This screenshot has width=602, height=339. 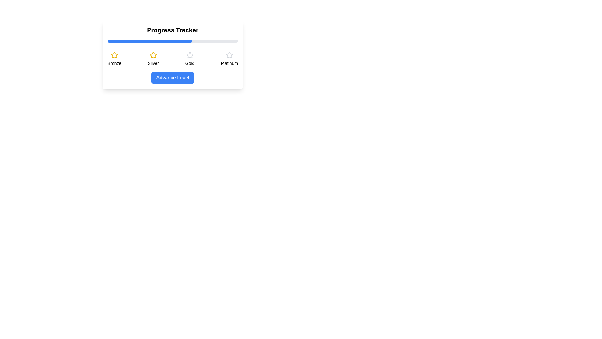 What do you see at coordinates (229, 63) in the screenshot?
I see `the text label indicating the Platinum level in the progress tracker, which is the fourth label in a horizontal sequence under the respective star icons` at bounding box center [229, 63].